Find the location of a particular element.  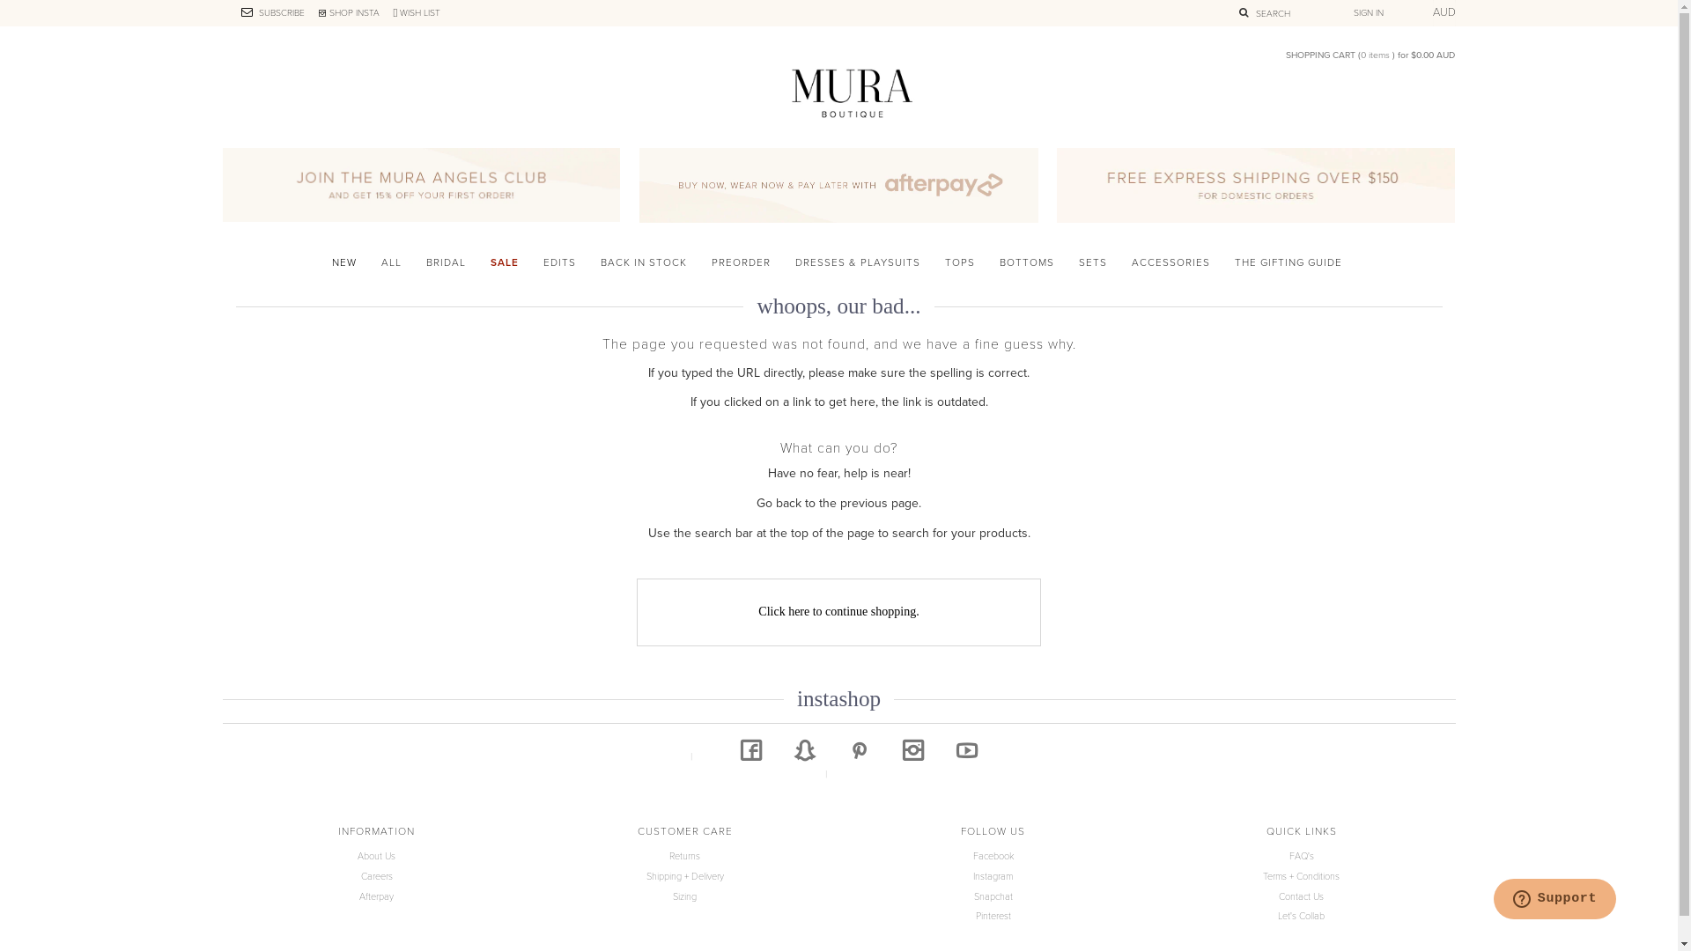

'NEW' is located at coordinates (343, 262).